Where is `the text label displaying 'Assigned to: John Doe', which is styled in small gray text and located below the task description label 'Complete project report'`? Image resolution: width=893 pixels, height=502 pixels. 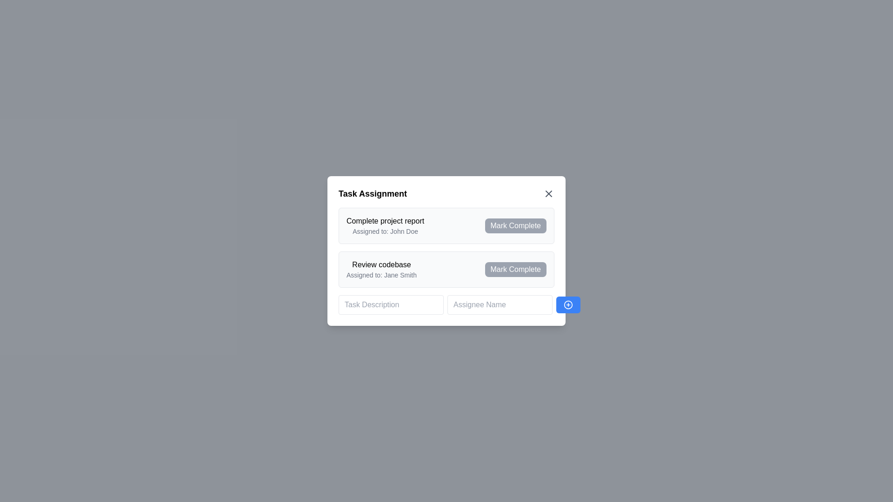
the text label displaying 'Assigned to: John Doe', which is styled in small gray text and located below the task description label 'Complete project report' is located at coordinates (385, 231).